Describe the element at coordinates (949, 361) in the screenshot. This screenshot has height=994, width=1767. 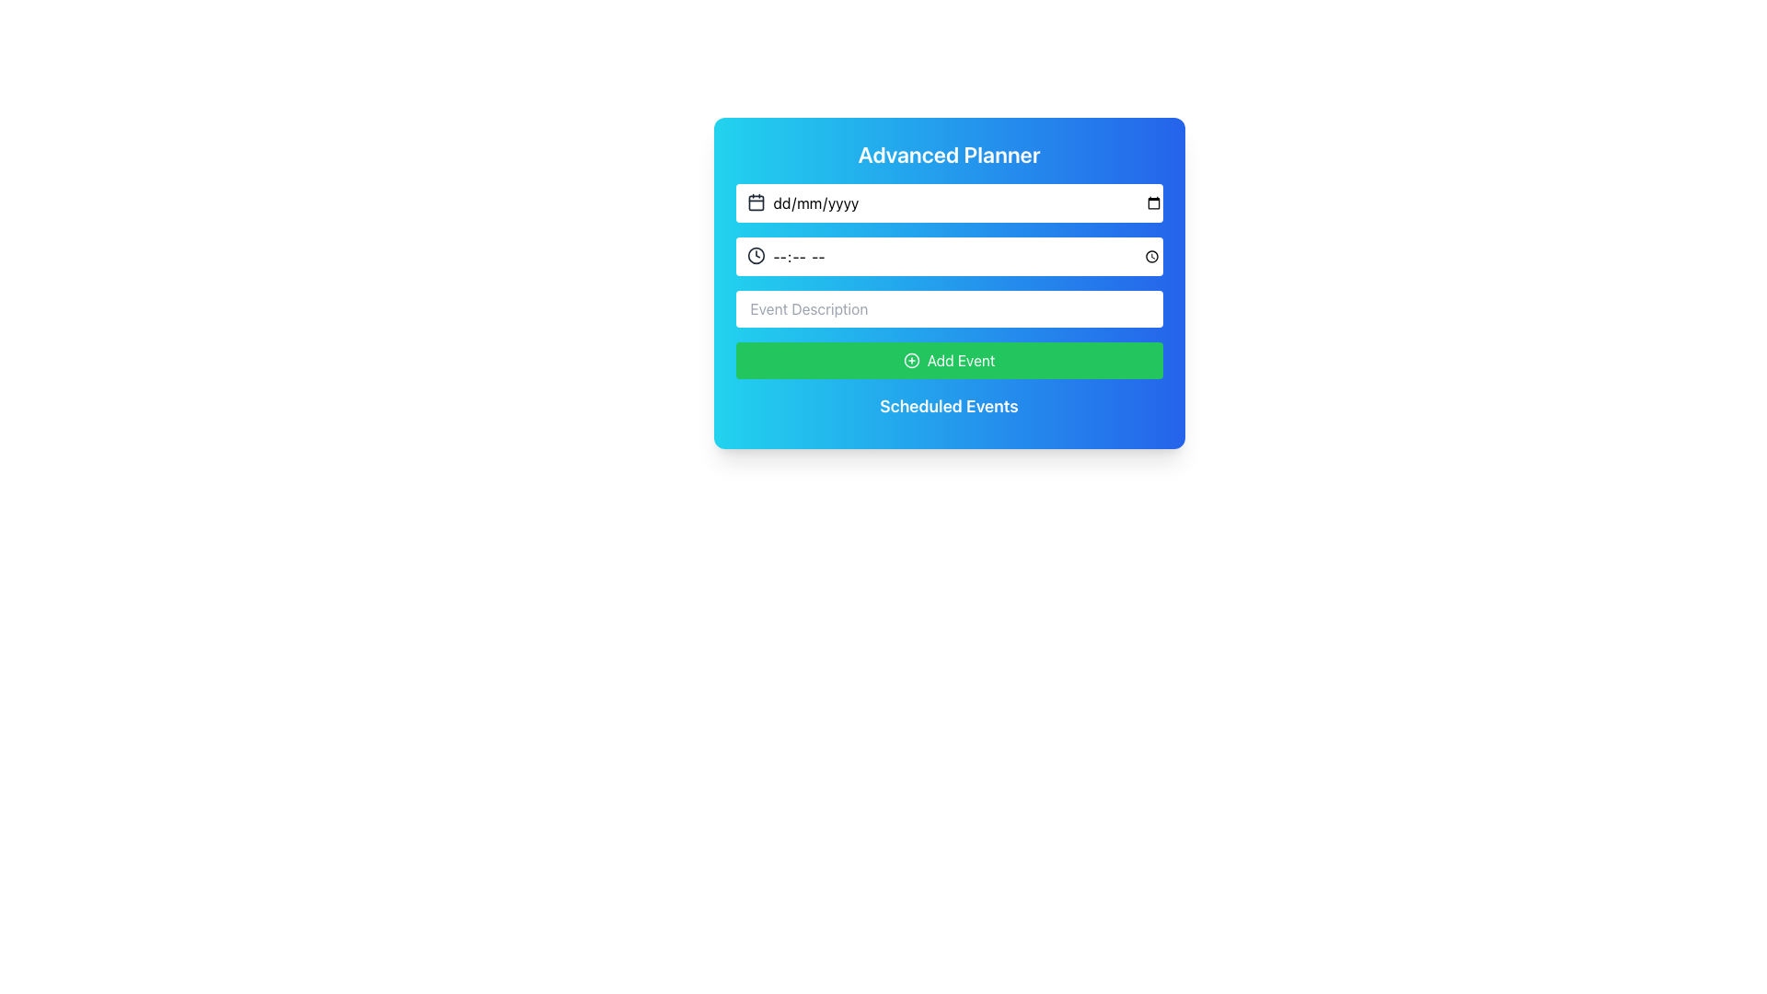
I see `the 'Add Event' button, which is a green rectangular button with rounded corners located near the bottom of the form` at that location.